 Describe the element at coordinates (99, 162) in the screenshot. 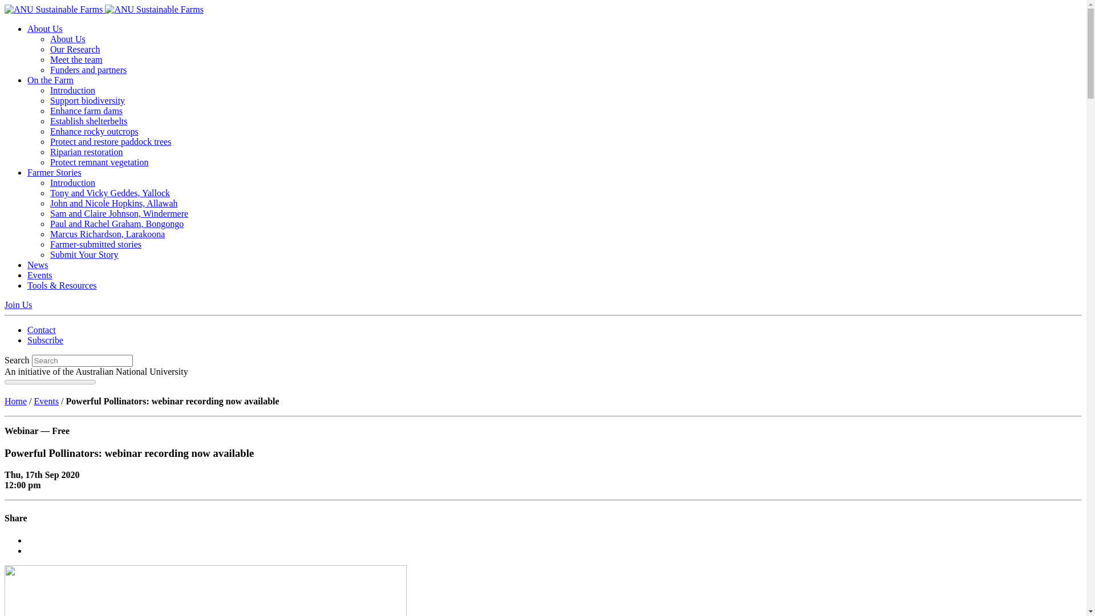

I see `'Protect remnant vegetation'` at that location.